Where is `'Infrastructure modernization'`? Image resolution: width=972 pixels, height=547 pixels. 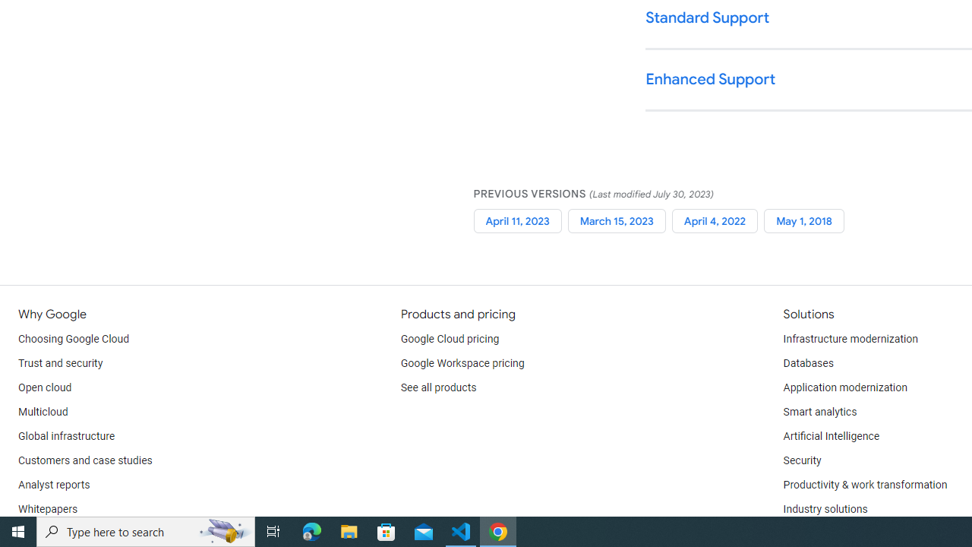
'Infrastructure modernization' is located at coordinates (850, 339).